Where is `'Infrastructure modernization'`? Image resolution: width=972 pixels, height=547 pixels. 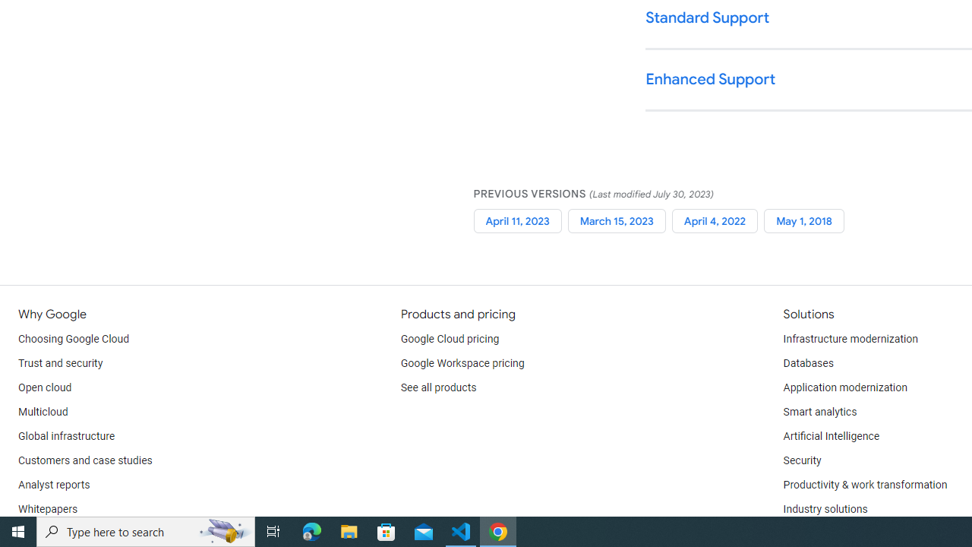
'Infrastructure modernization' is located at coordinates (850, 339).